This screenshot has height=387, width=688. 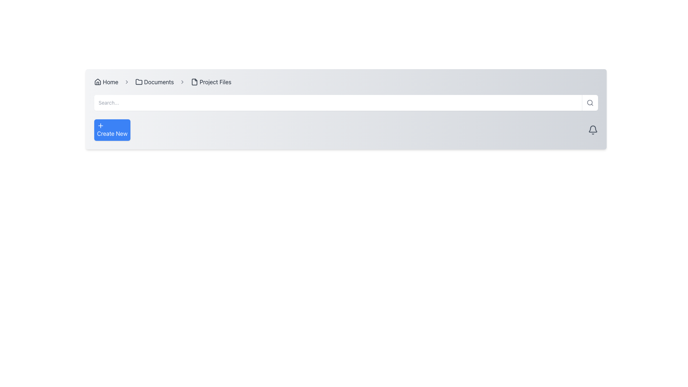 I want to click on the small SVG Circle inside the magnifying glass icon located on the right side of the search input field, so click(x=590, y=102).